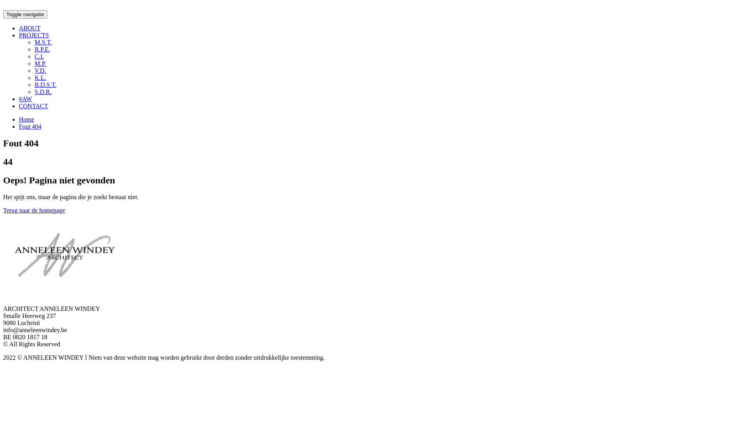 This screenshot has height=425, width=755. Describe the element at coordinates (3, 3) in the screenshot. I see `'Doorgaan naar inhoud'` at that location.